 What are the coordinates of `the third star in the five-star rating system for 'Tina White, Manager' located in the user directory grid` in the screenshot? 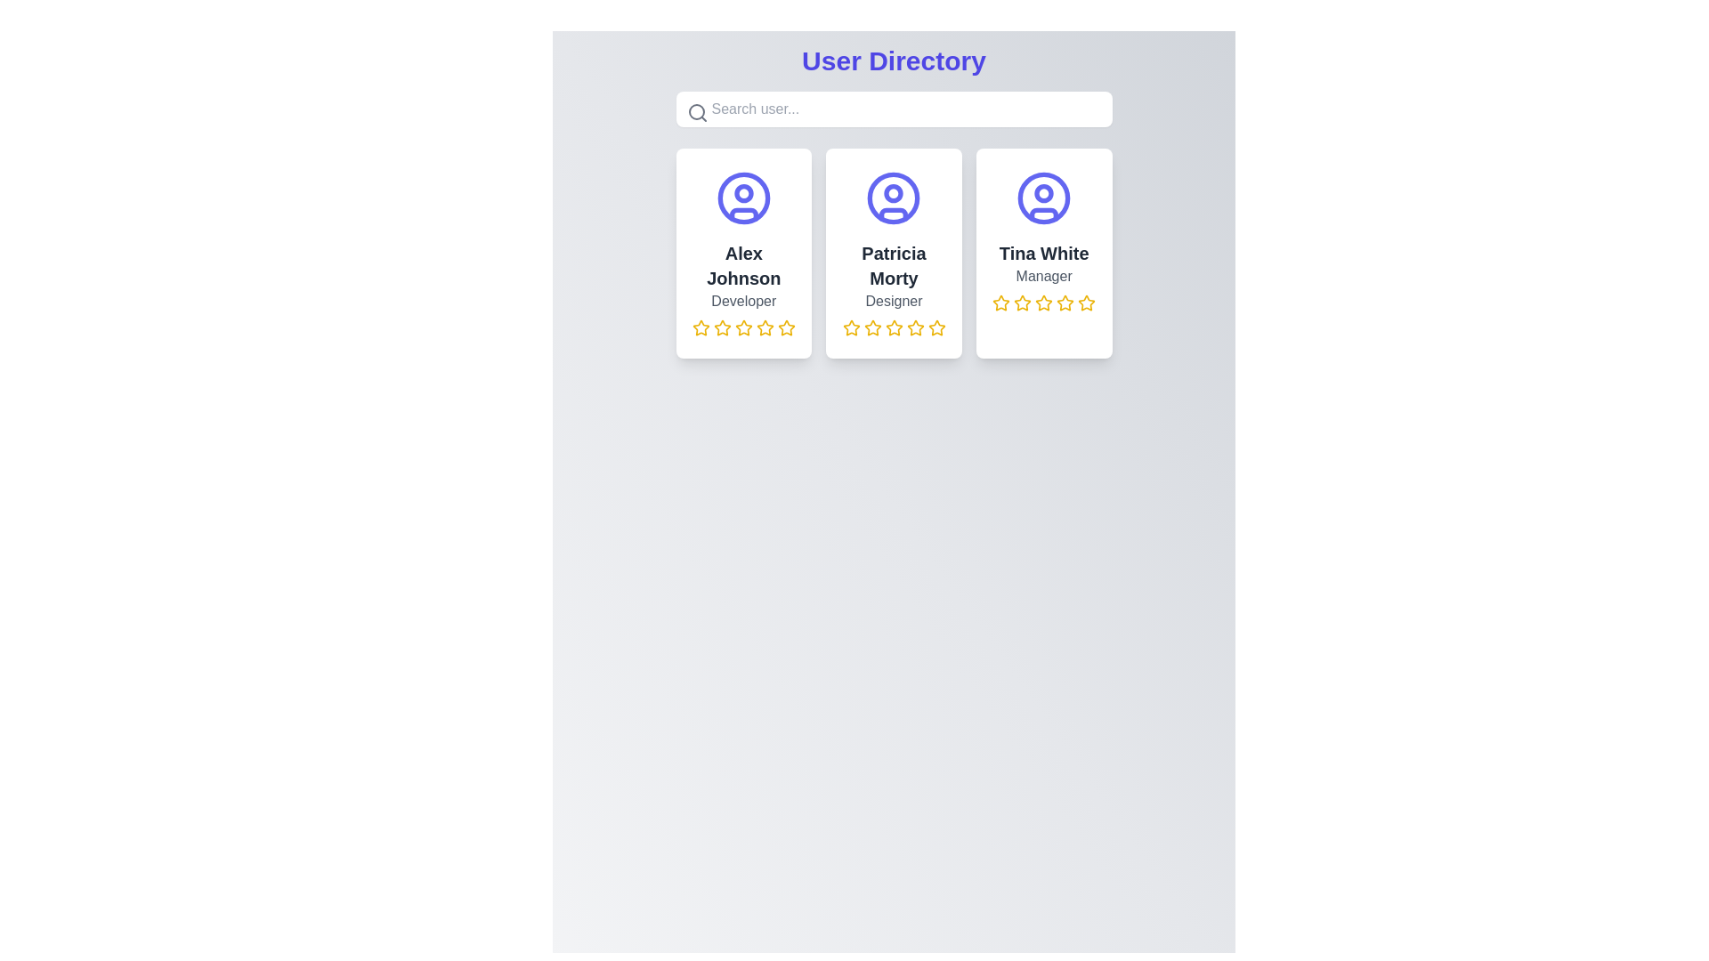 It's located at (1044, 302).